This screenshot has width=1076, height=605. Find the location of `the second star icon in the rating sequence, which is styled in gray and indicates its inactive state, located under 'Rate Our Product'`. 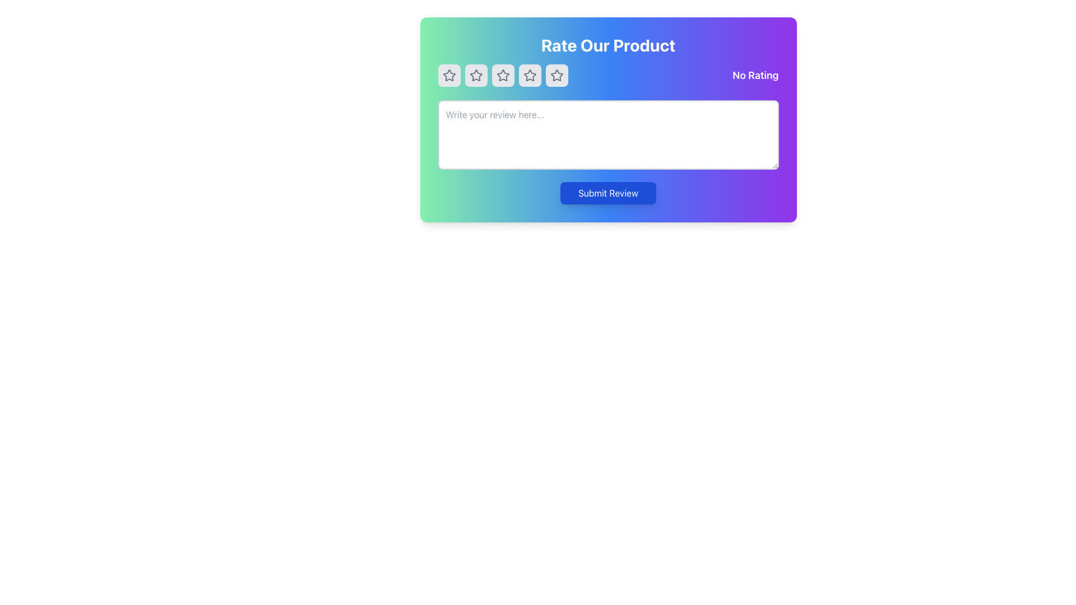

the second star icon in the rating sequence, which is styled in gray and indicates its inactive state, located under 'Rate Our Product' is located at coordinates (476, 76).